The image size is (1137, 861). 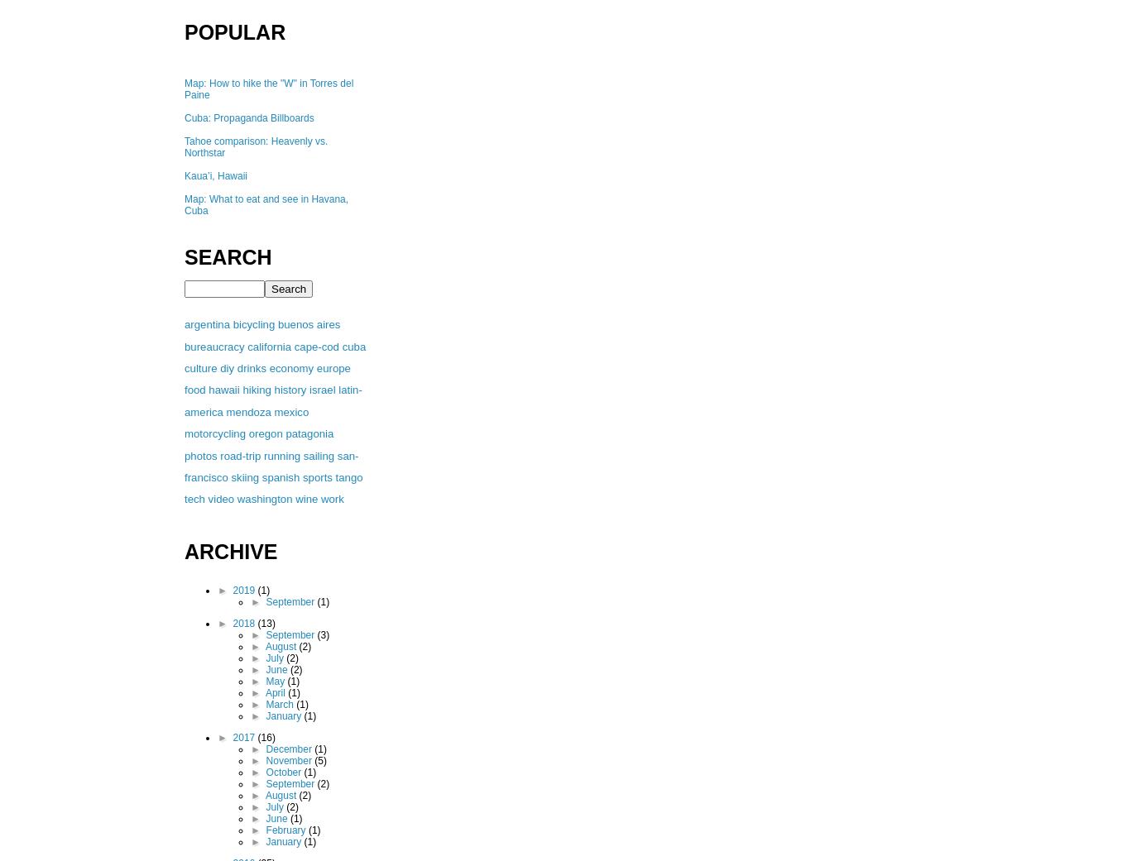 What do you see at coordinates (267, 88) in the screenshot?
I see `'Map: How to hike the "W" in Torres del Paine'` at bounding box center [267, 88].